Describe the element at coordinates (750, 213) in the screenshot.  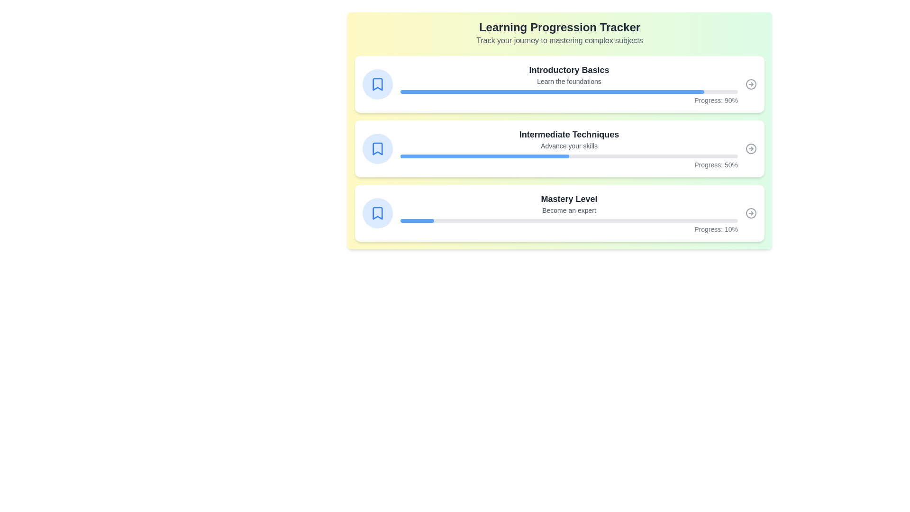
I see `the navigation icon, which is a right-pointing arrow within a circle, located in the last row of the tracker card, aligned with the 'Mastery Level' text and progress bar` at that location.